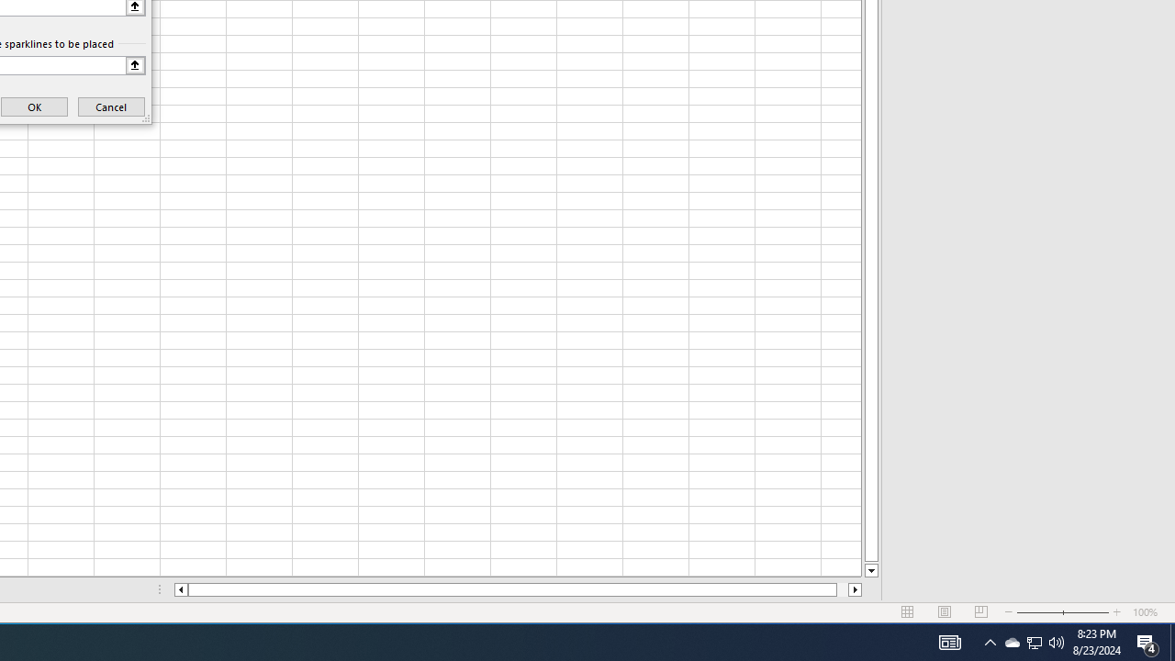 This screenshot has height=661, width=1175. Describe the element at coordinates (855, 589) in the screenshot. I see `'Column right'` at that location.